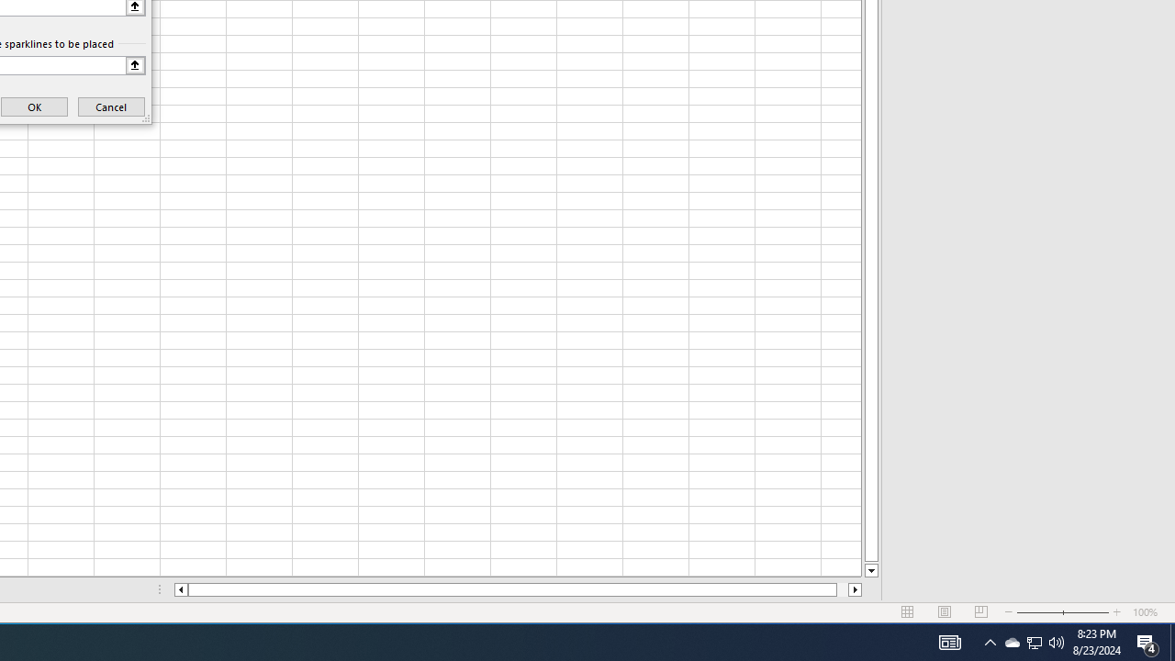 This screenshot has height=661, width=1175. Describe the element at coordinates (855, 589) in the screenshot. I see `'Column right'` at that location.